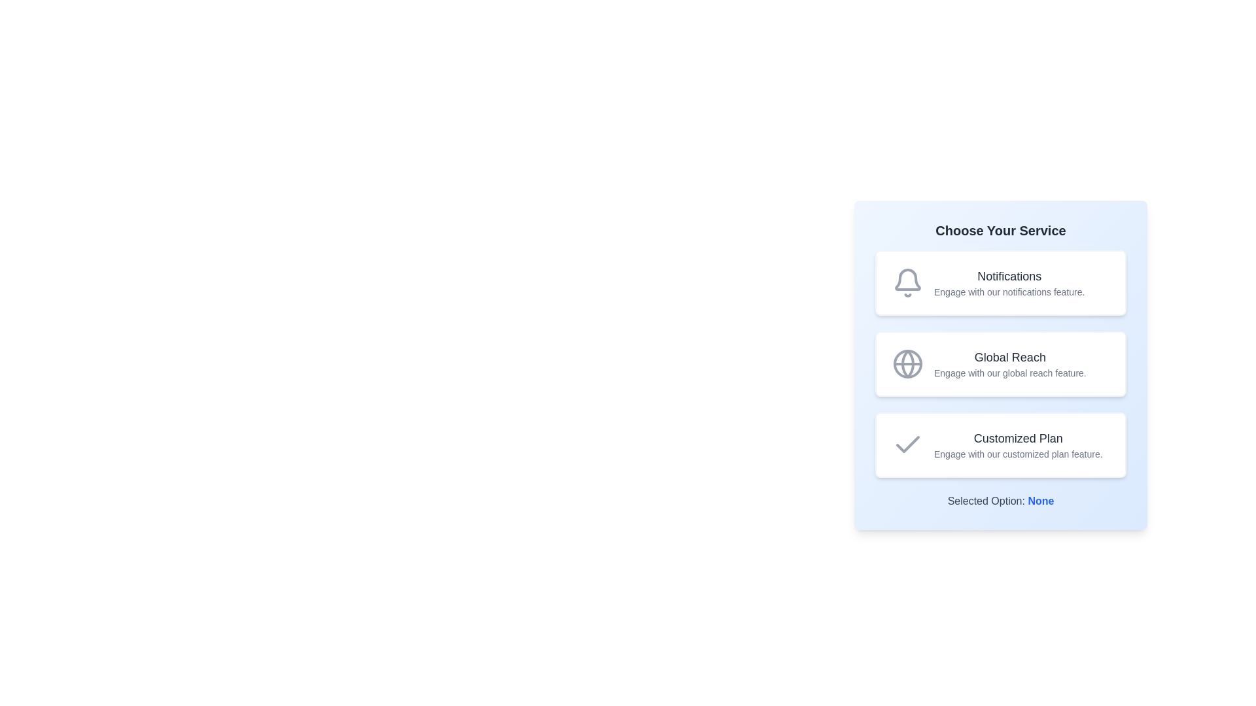 The width and height of the screenshot is (1256, 706). Describe the element at coordinates (1040, 500) in the screenshot. I see `the Text Label displaying the currently selected option, which shows 'None' when no option is selected, located immediately to the right of 'Selected Option:' in the lower section of the panel` at that location.